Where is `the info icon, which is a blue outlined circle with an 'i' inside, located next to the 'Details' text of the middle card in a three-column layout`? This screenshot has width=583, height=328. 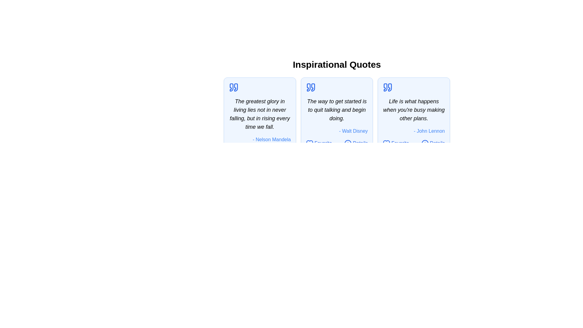
the info icon, which is a blue outlined circle with an 'i' inside, located next to the 'Details' text of the middle card in a three-column layout is located at coordinates (348, 143).